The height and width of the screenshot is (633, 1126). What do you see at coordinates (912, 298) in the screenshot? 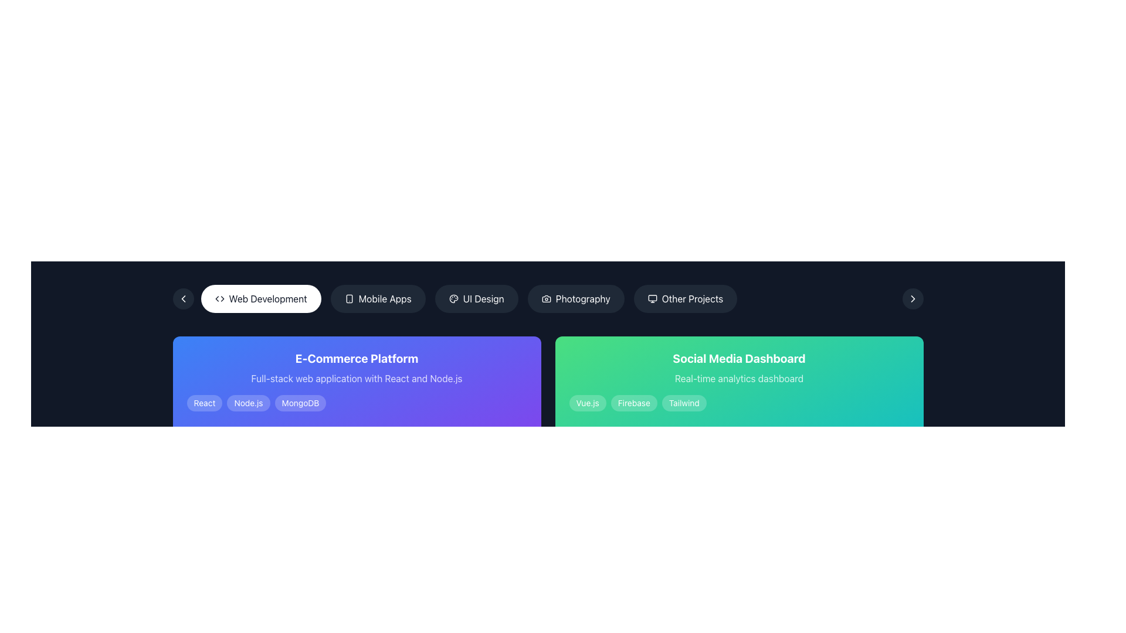
I see `the right-facing chevron icon with a white stroke located in a circular dark background in the top-right corner of the interface` at bounding box center [912, 298].